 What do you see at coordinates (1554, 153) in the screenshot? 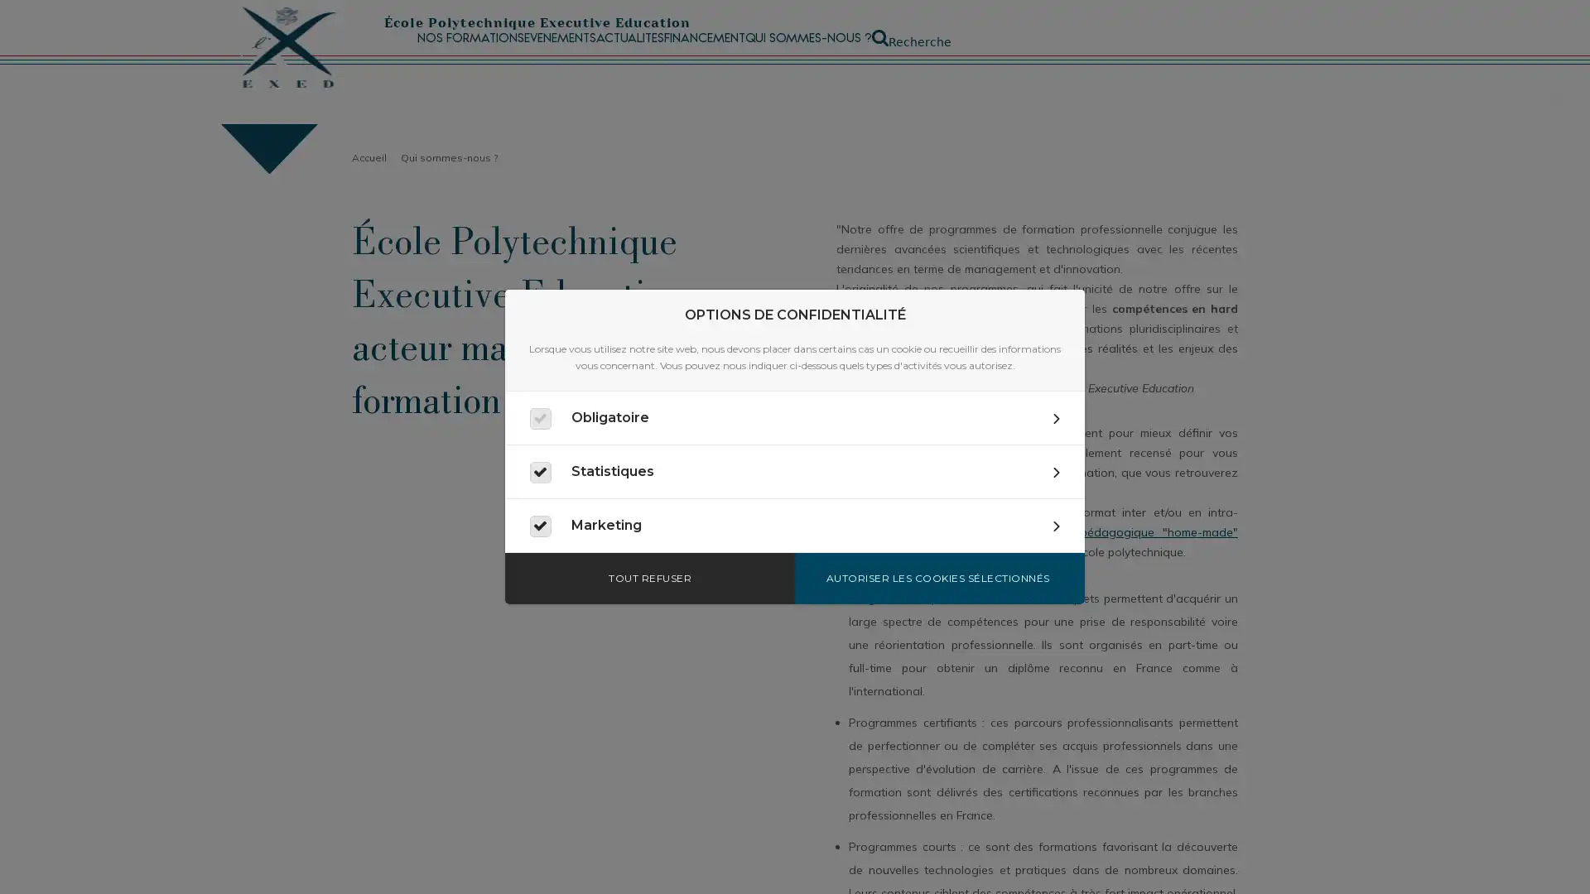
I see `Fermer la recherche` at bounding box center [1554, 153].